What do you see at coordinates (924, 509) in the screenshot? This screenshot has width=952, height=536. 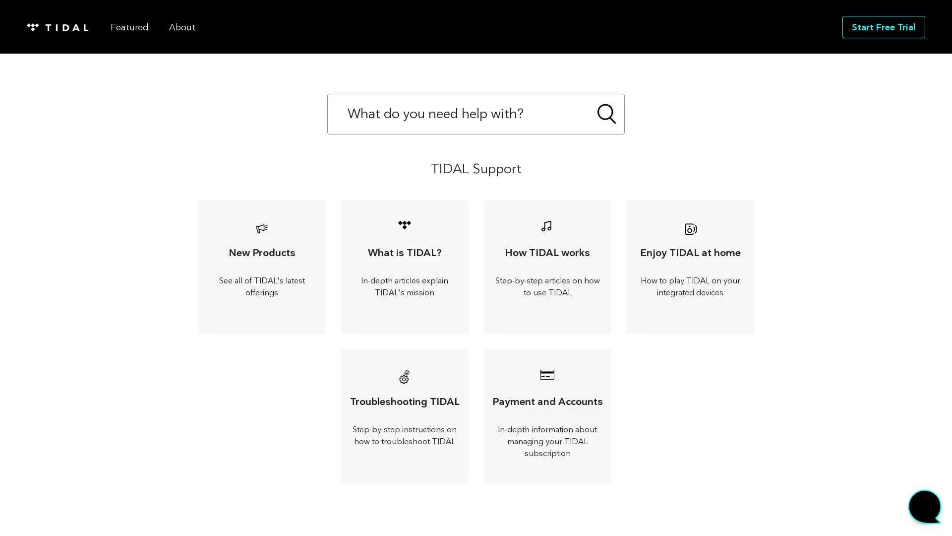 I see `Start chat` at bounding box center [924, 509].